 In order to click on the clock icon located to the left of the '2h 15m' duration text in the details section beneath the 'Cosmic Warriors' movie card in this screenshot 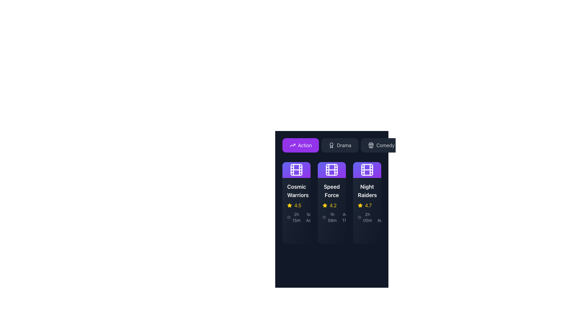, I will do `click(289, 217)`.